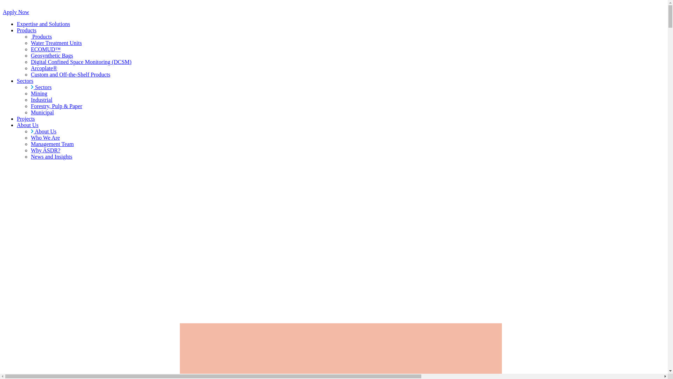  What do you see at coordinates (45, 150) in the screenshot?
I see `'Why ASDR?'` at bounding box center [45, 150].